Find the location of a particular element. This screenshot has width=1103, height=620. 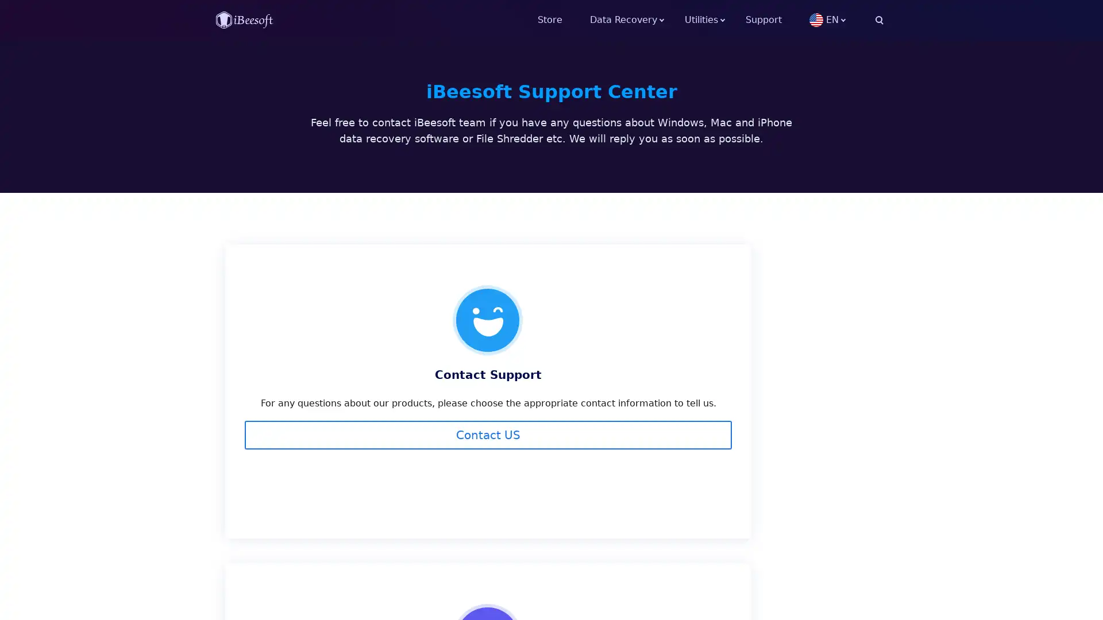

languages is located at coordinates (846, 20).